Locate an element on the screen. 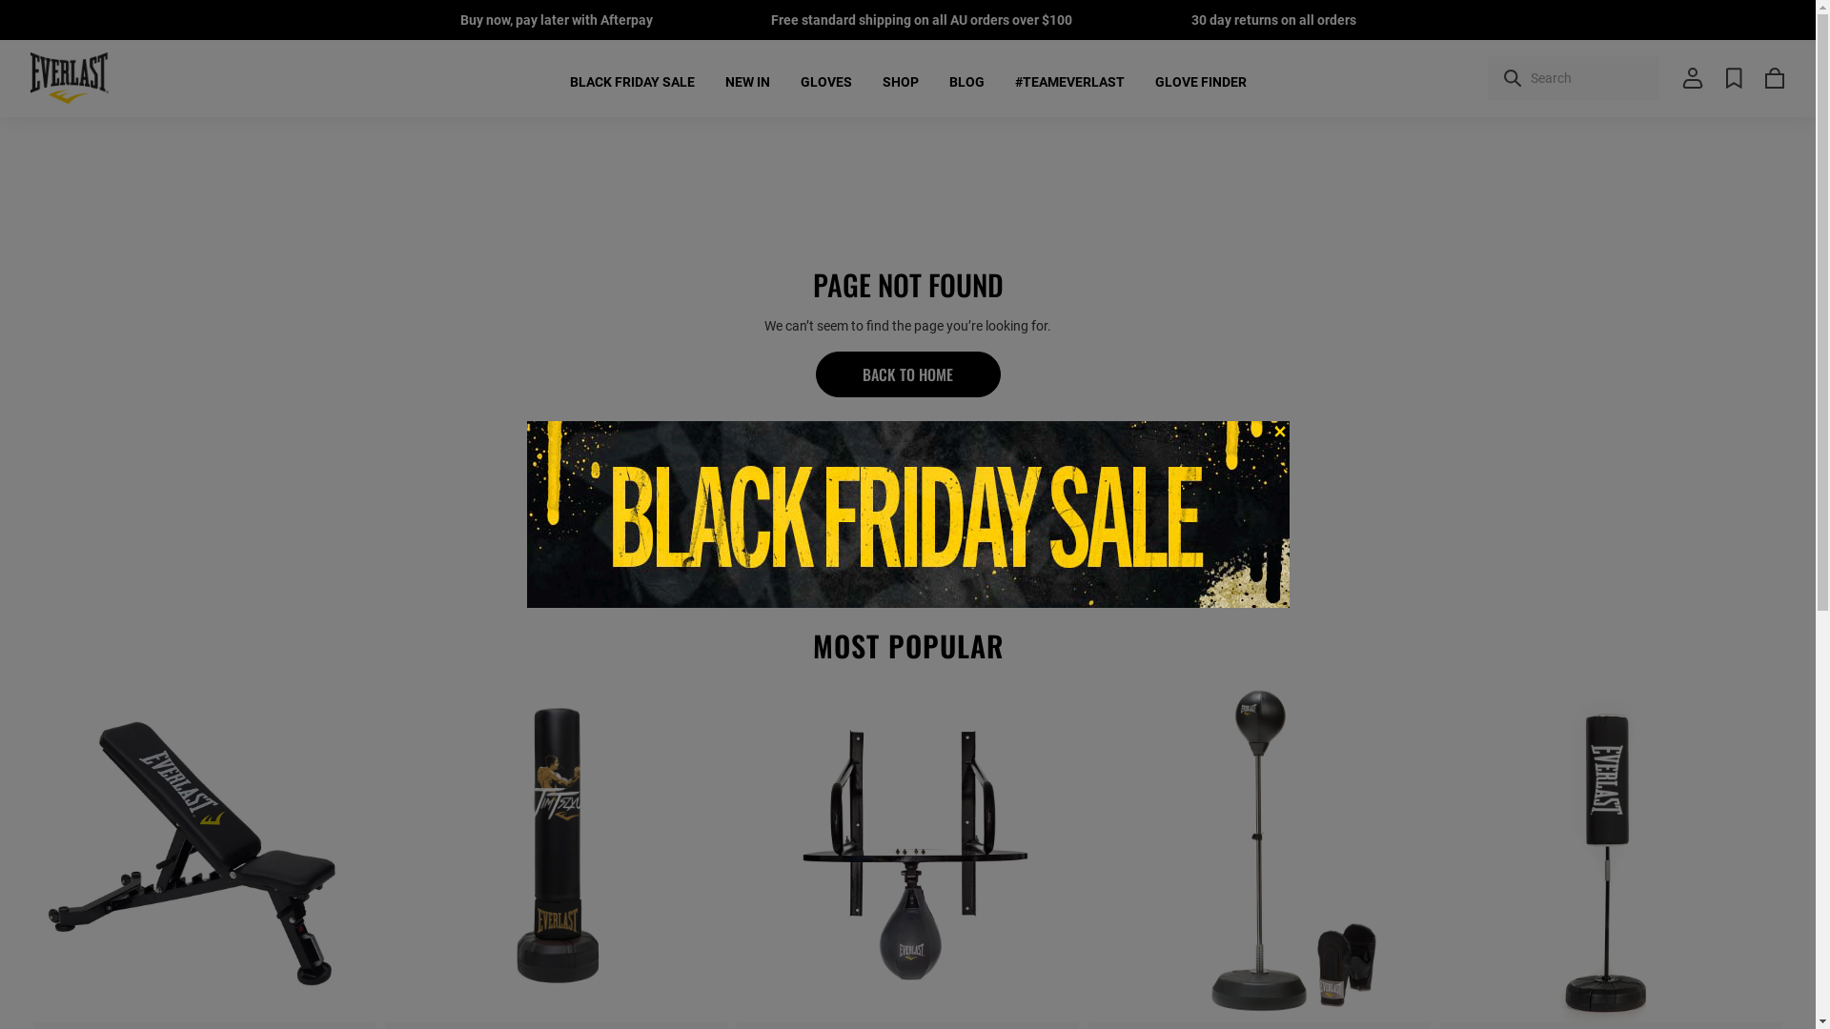  'GLOVE FINDER' is located at coordinates (1199, 80).